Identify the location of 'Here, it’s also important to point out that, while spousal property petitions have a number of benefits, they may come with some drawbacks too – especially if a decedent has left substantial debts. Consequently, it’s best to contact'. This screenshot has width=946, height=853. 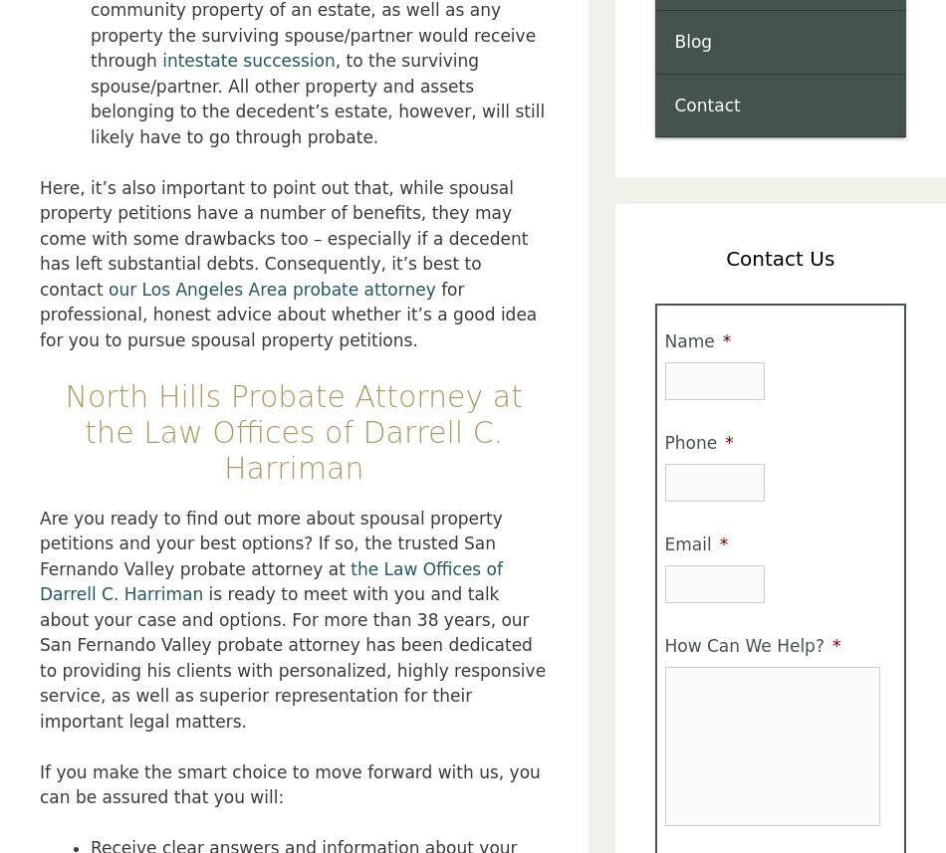
(283, 238).